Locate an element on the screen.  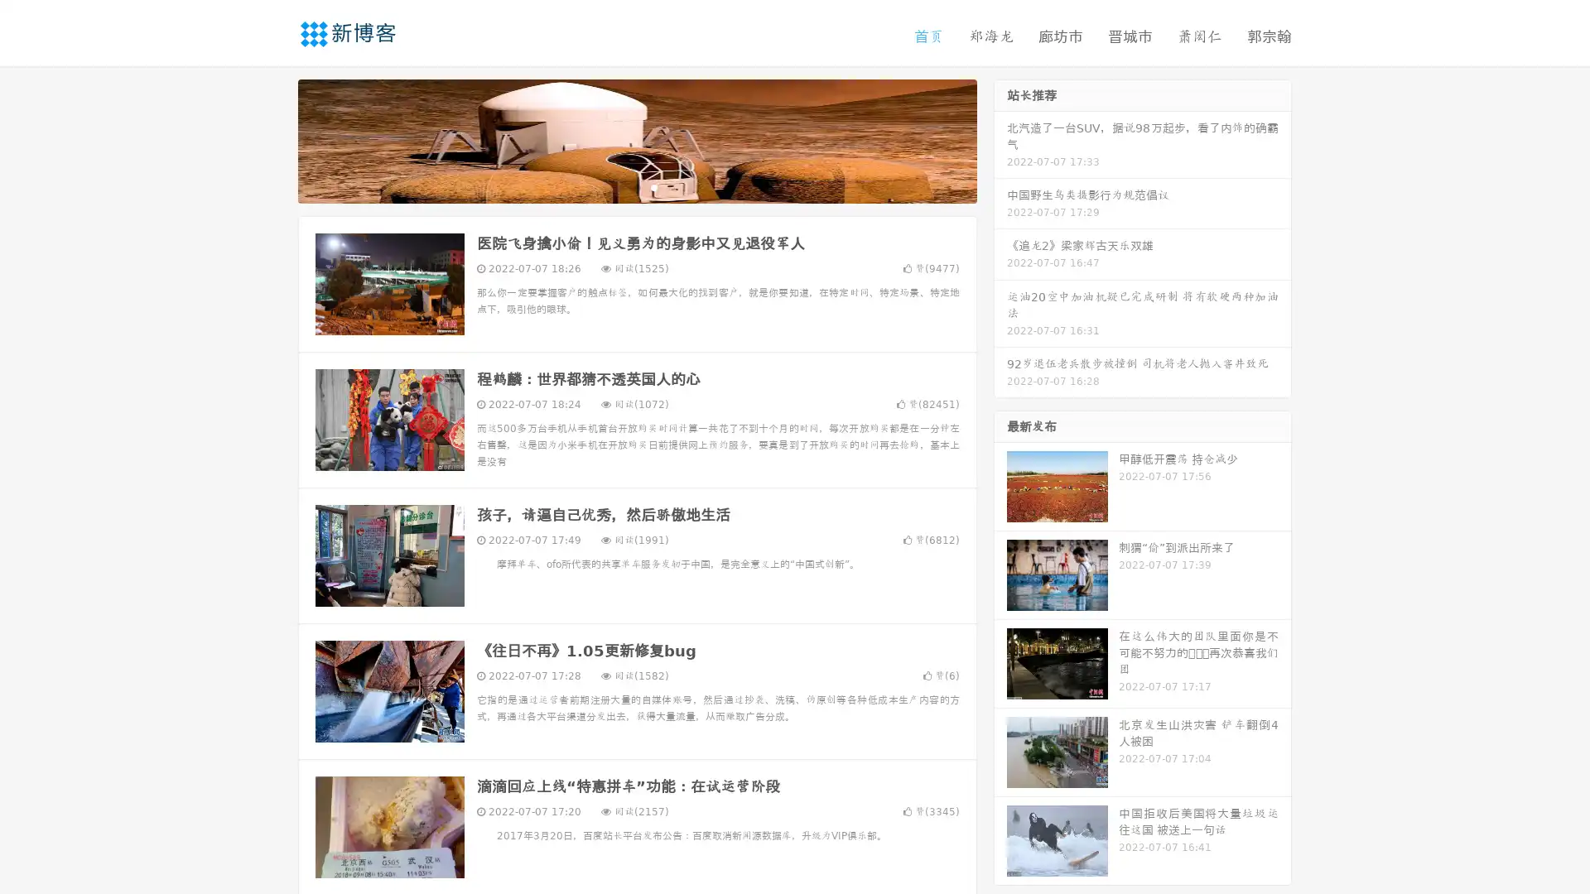
Go to slide 2 is located at coordinates (636, 186).